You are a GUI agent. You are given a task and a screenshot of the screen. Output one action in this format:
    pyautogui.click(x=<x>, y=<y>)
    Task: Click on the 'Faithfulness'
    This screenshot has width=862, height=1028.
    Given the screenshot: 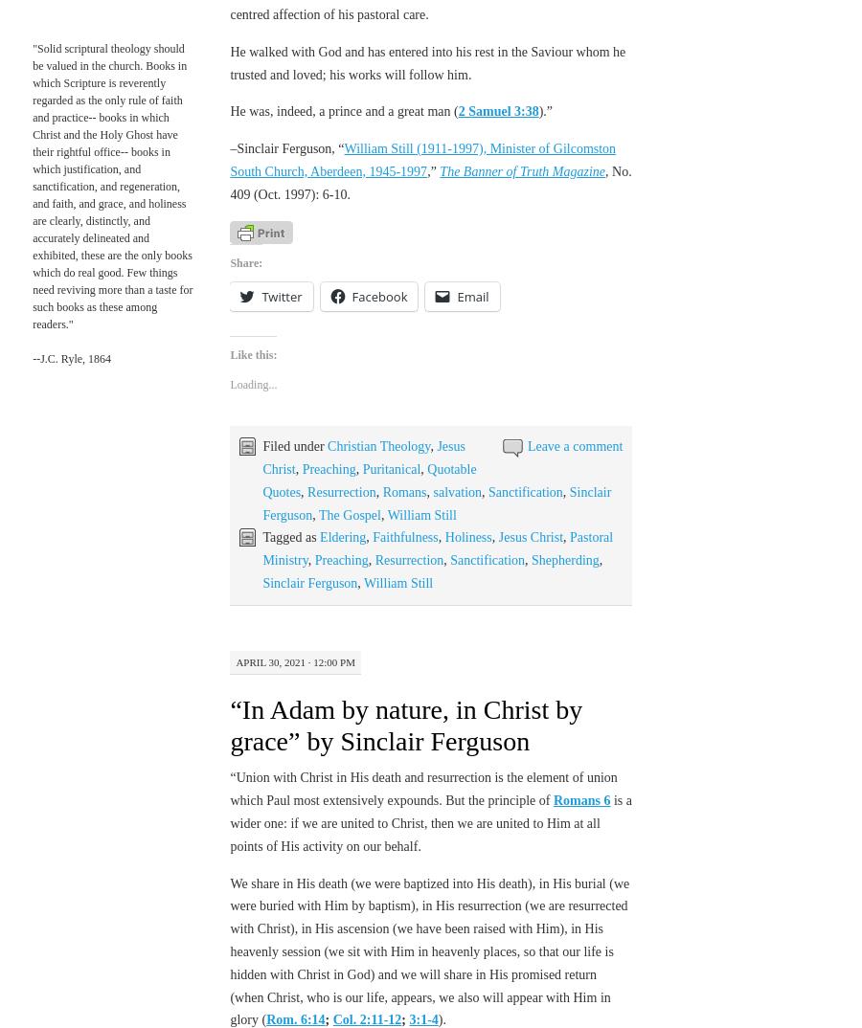 What is the action you would take?
    pyautogui.click(x=372, y=536)
    